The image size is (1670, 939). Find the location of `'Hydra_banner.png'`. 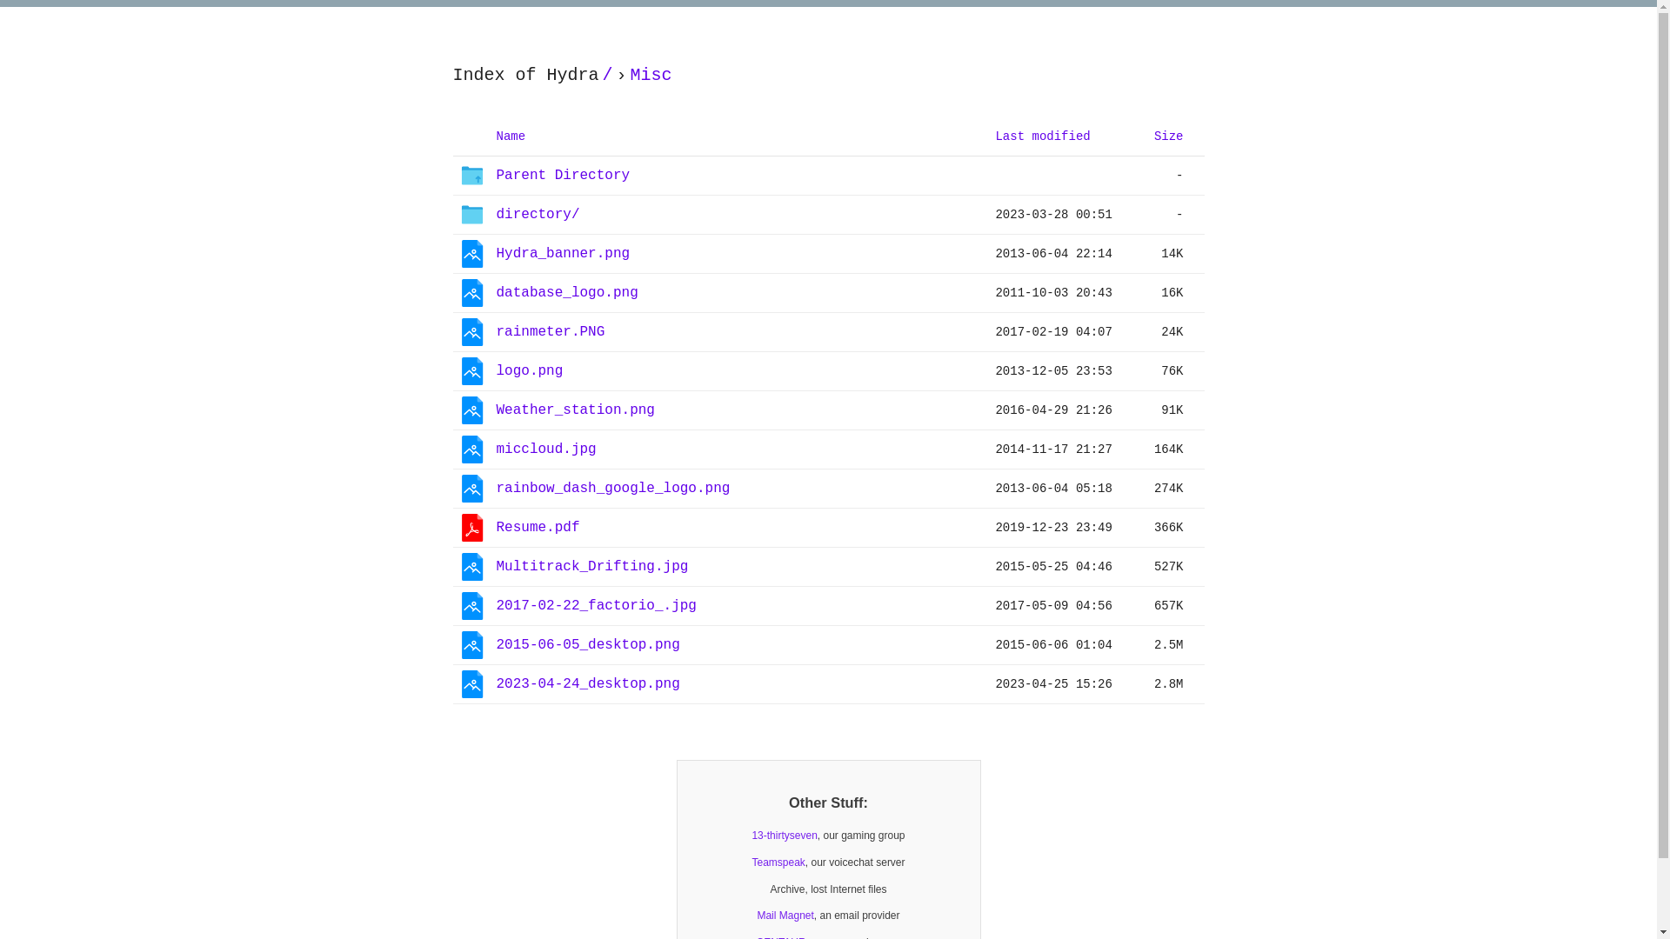

'Hydra_banner.png' is located at coordinates (563, 253).